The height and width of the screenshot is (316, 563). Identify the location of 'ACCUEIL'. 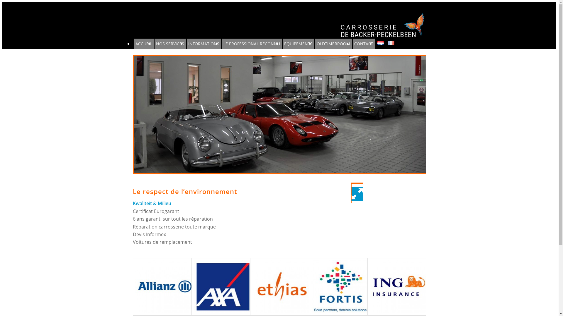
(143, 43).